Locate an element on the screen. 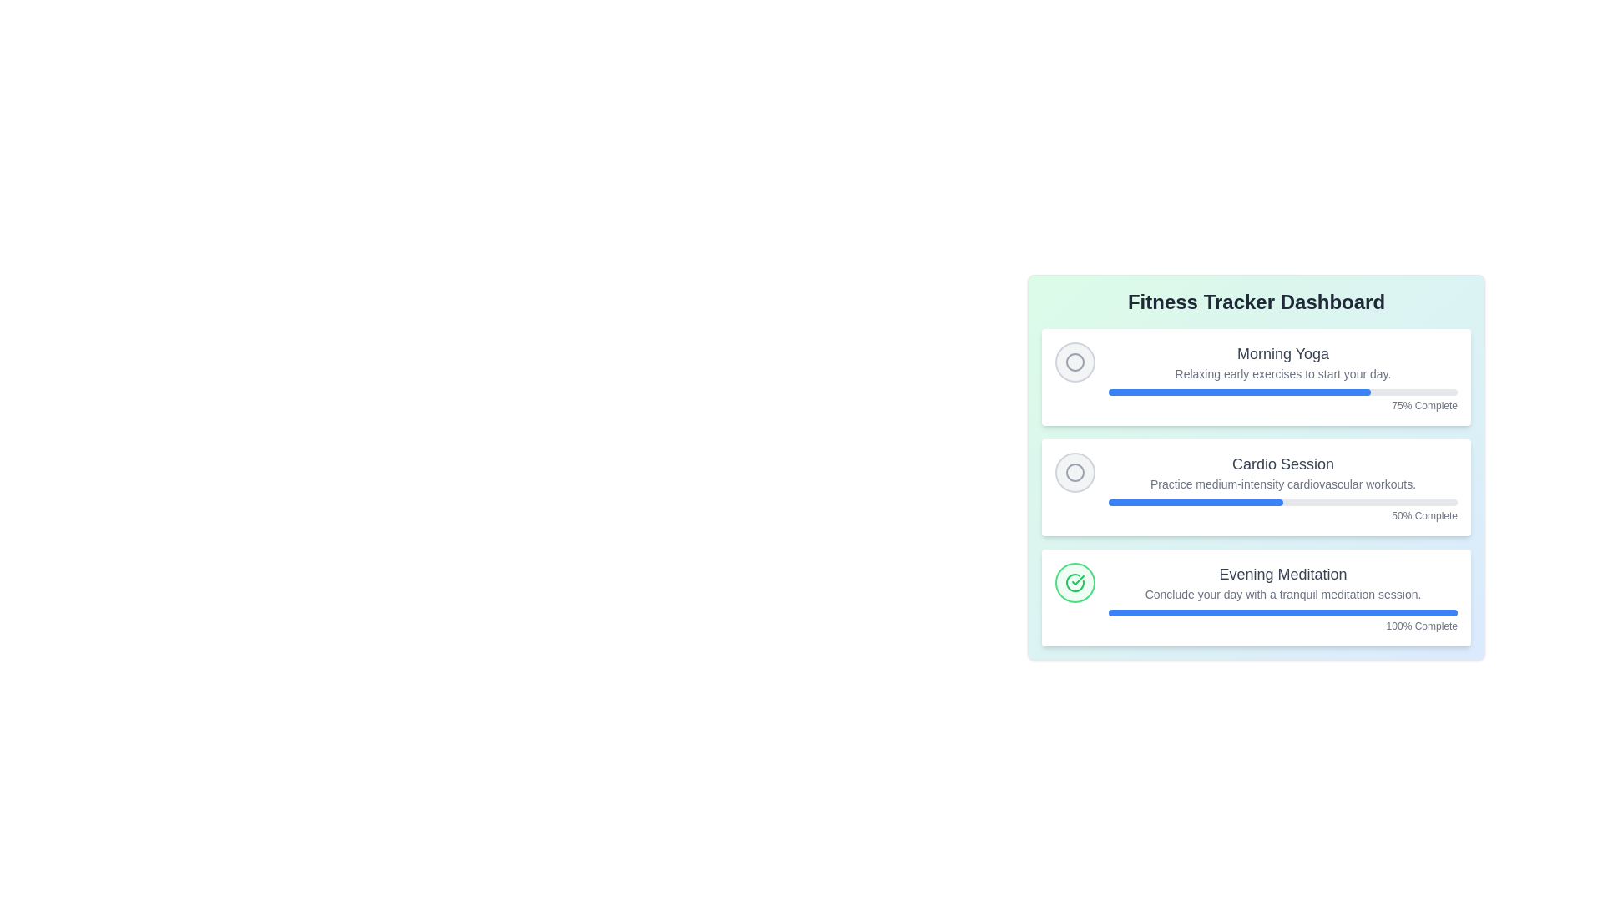 This screenshot has height=902, width=1603. the progress visually by focusing on the progress bar indicating that 50% of the task has been completed, located in the 'Cardio Session' section below the descriptive text is located at coordinates (1195, 501).